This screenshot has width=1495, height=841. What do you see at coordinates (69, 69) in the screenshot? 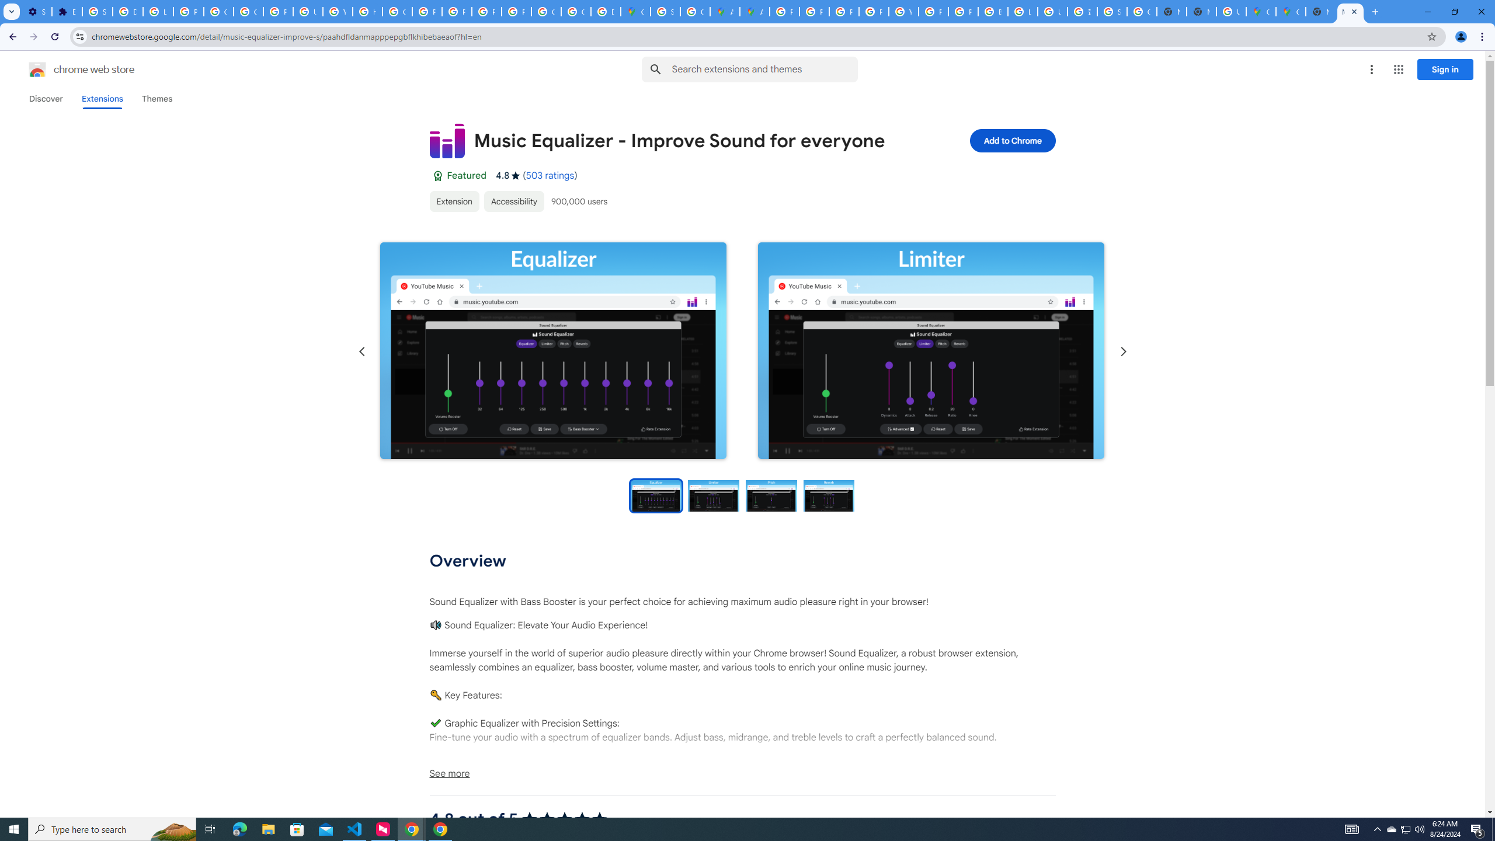
I see `'Chrome Web Store logo chrome web store'` at bounding box center [69, 69].